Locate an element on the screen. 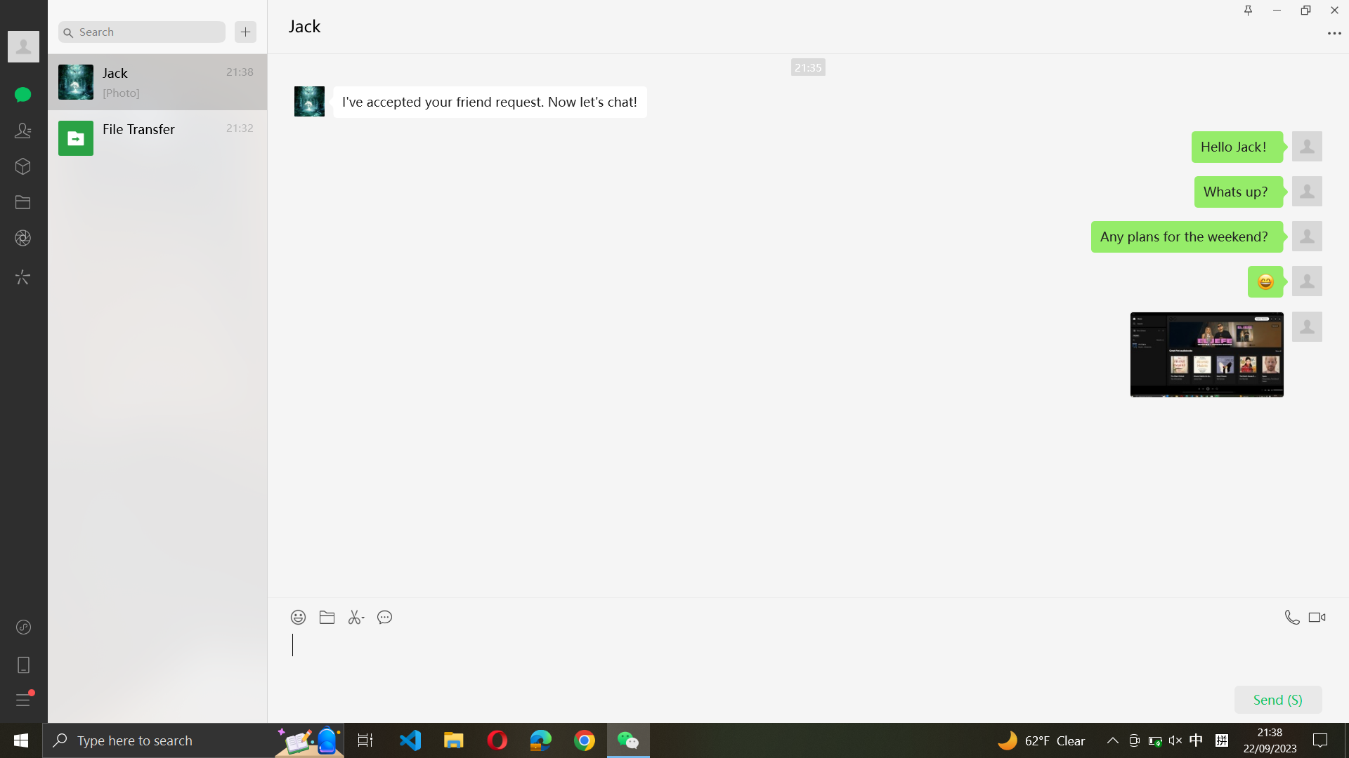  the chat records of Jack is located at coordinates (141, 31).